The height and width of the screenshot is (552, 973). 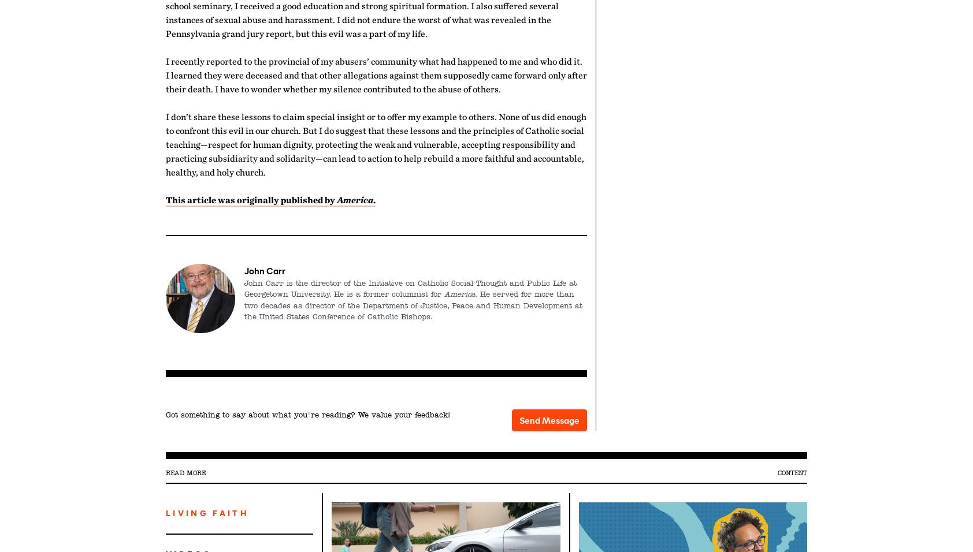 I want to click on 'Content', so click(x=777, y=472).